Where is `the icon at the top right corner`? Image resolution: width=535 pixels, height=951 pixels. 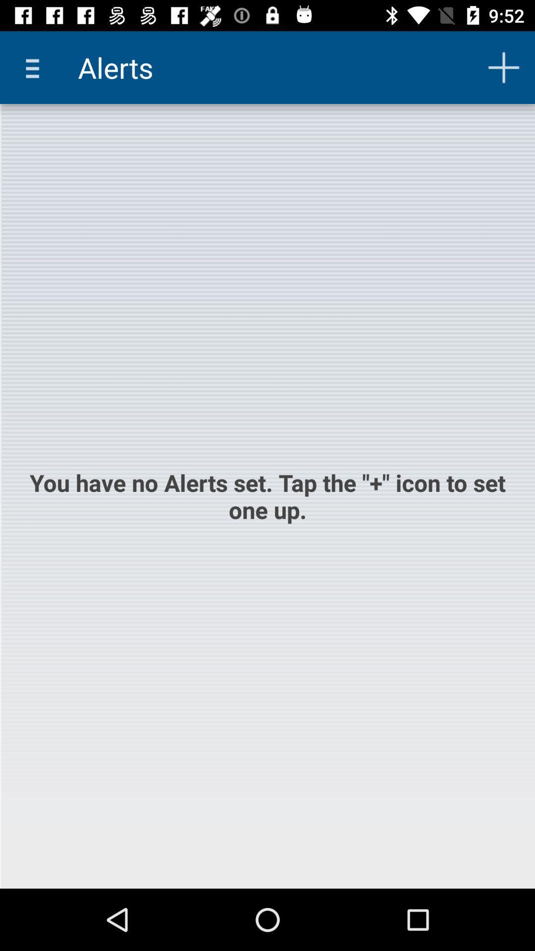 the icon at the top right corner is located at coordinates (504, 67).